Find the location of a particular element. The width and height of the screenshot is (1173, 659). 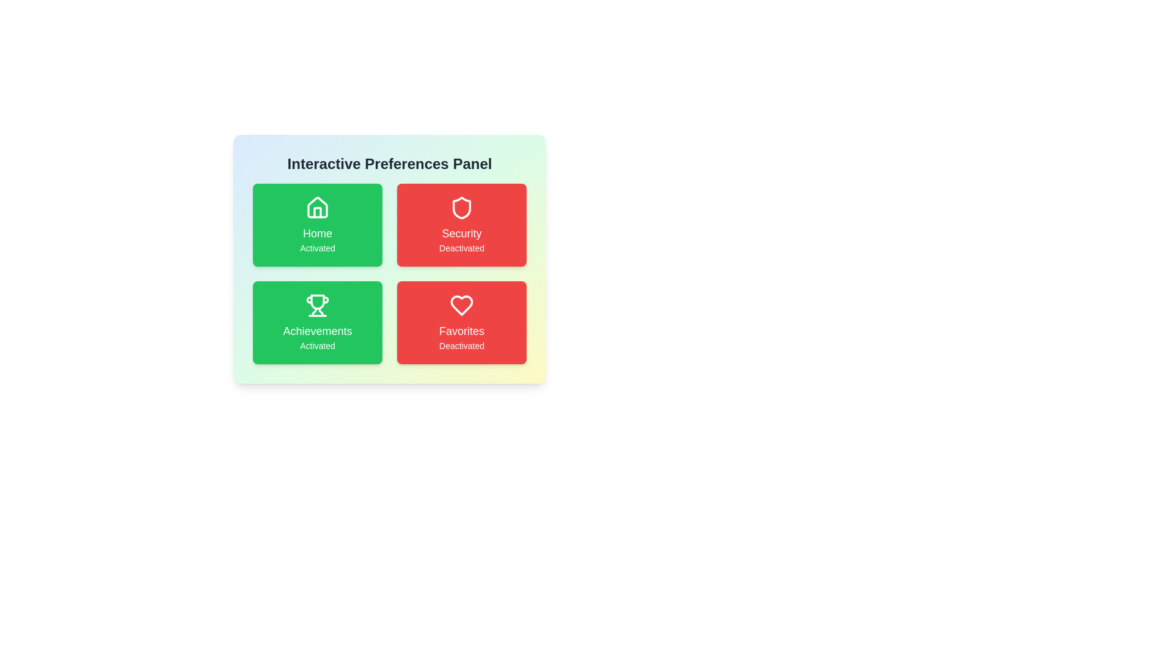

the text of the option Security to inspect or copy it is located at coordinates (461, 225).